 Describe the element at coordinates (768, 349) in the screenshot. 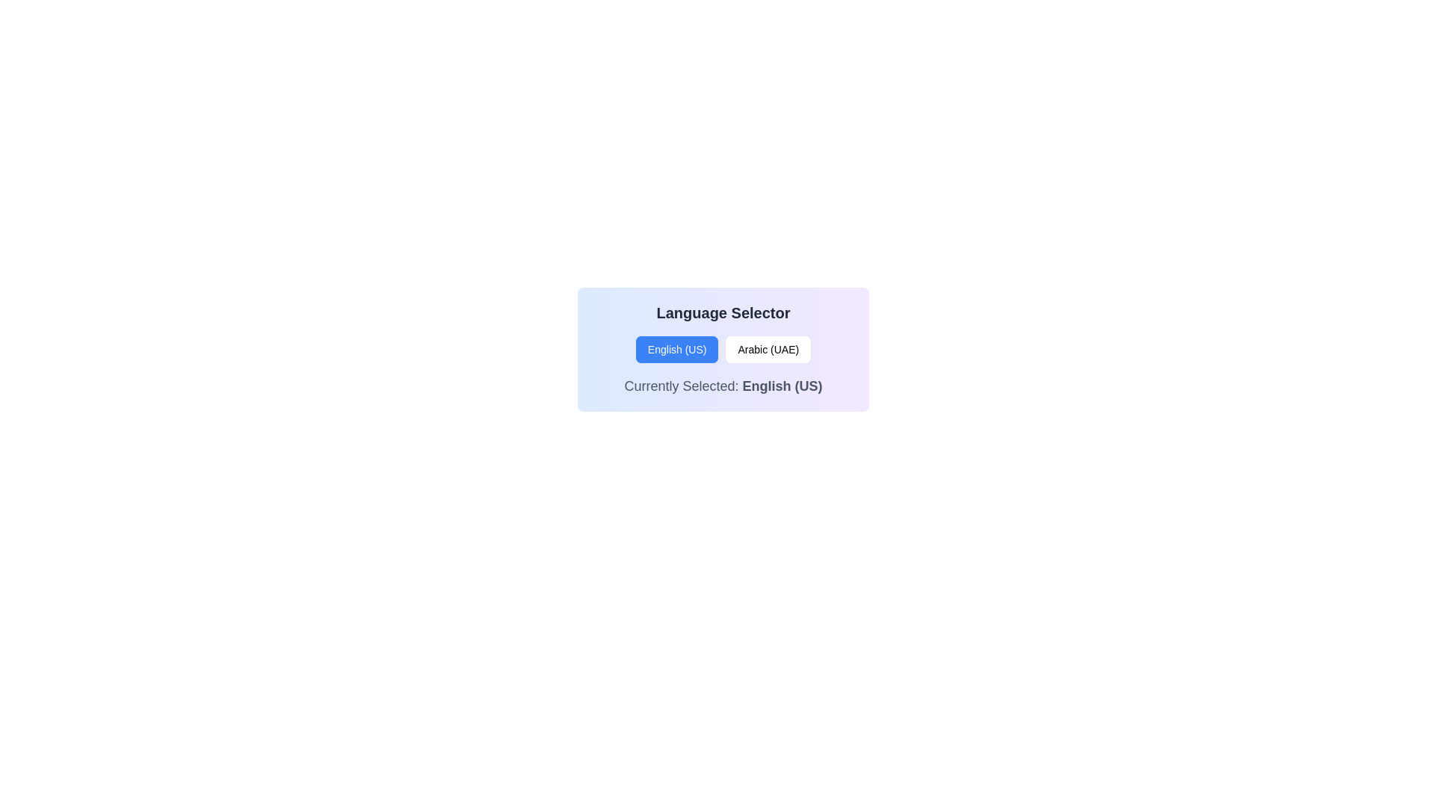

I see `the button labeled 'Arabic (UAE)' which is the second button in the Language Selector group, to activate interactivity effects` at that location.